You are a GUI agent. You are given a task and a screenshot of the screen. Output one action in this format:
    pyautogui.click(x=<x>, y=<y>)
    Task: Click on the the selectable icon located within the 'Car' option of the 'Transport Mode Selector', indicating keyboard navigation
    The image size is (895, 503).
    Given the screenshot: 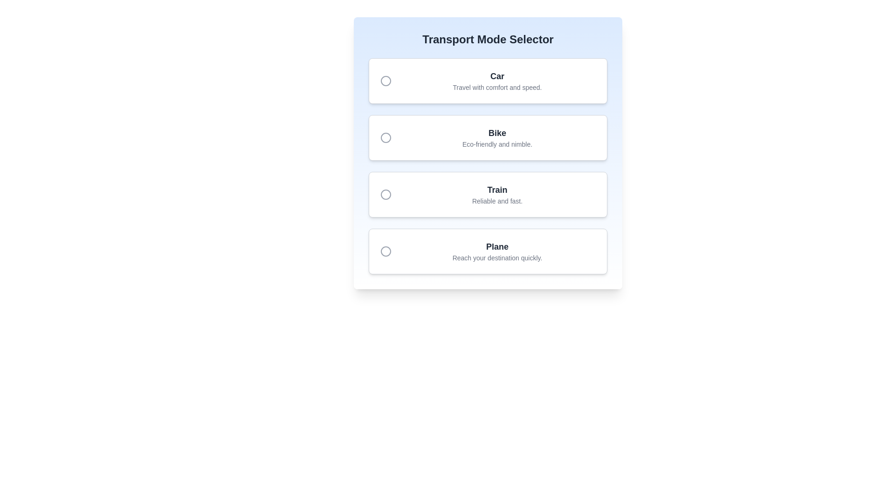 What is the action you would take?
    pyautogui.click(x=386, y=80)
    